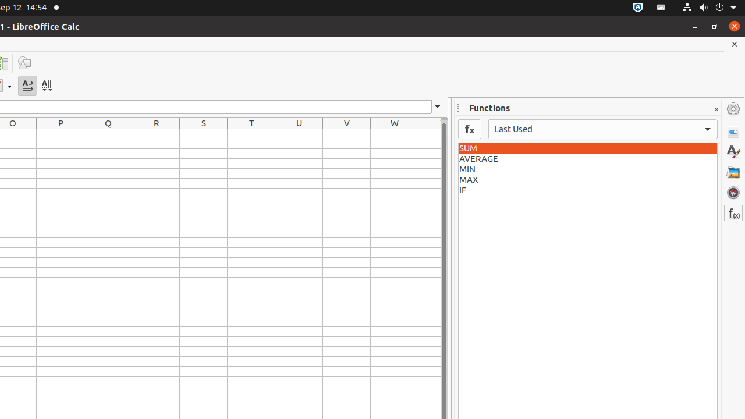 The image size is (745, 419). Describe the element at coordinates (299, 133) in the screenshot. I see `'U1'` at that location.